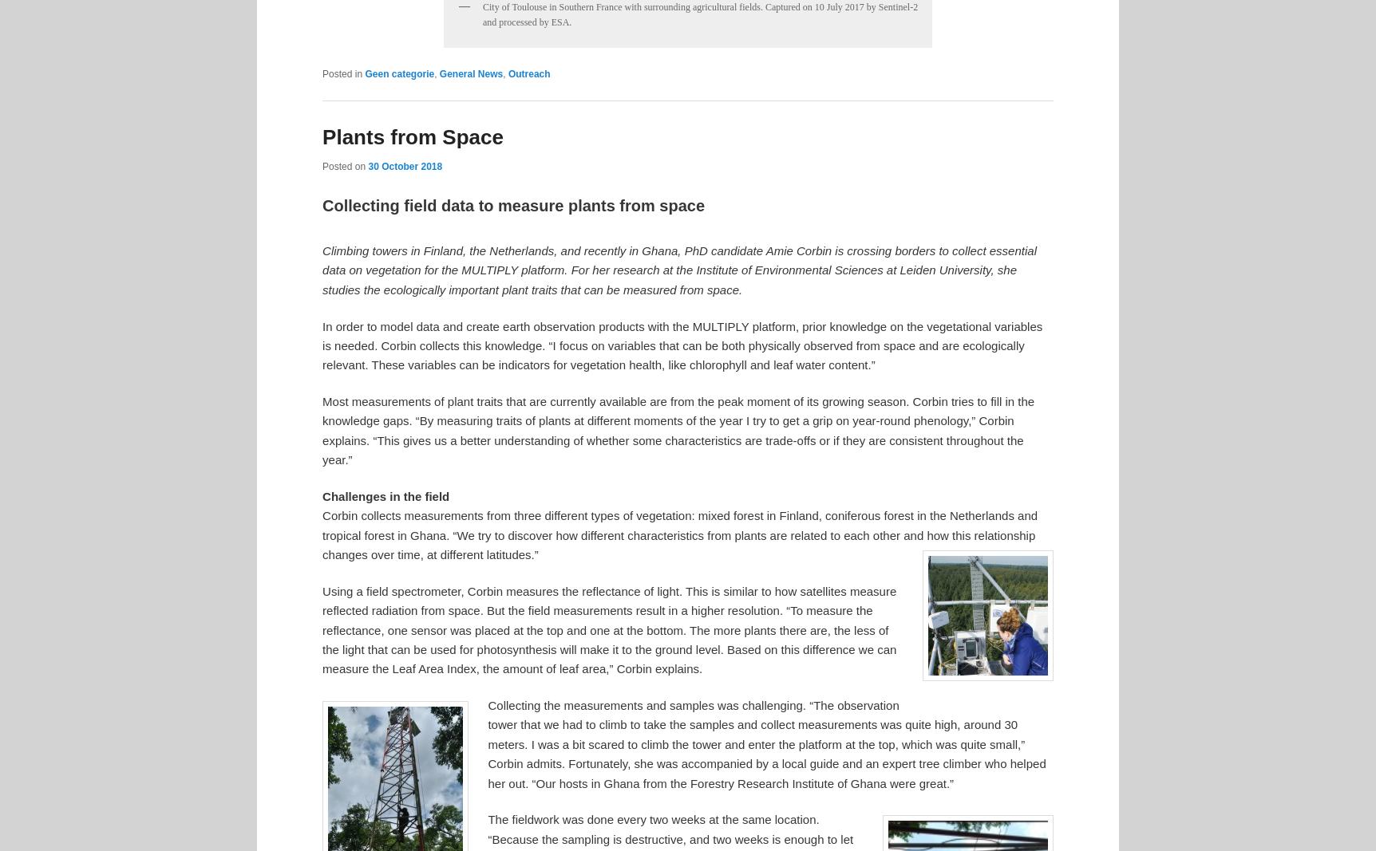 This screenshot has height=851, width=1376. What do you see at coordinates (321, 535) in the screenshot?
I see `'Corbin collects measurements from three different types of vegetation: mixed forest in Finland, coniferous forest in the Netherlands and tropical forest in Ghana. “We try to discover how different characteristics from plants are related to each other and how this relationship changes over time, at different latitudes.”'` at bounding box center [321, 535].